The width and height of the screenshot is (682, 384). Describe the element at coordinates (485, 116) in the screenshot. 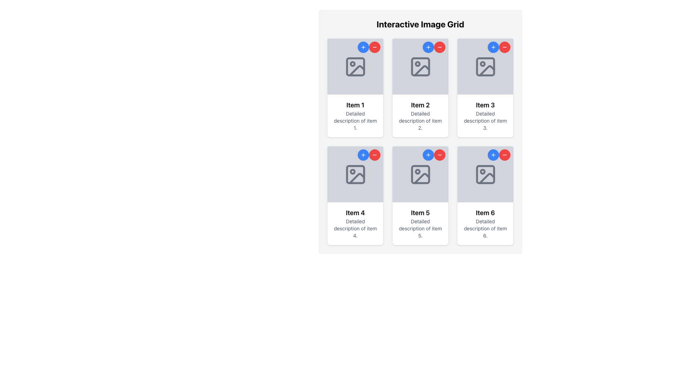

I see `the Text block displaying the title 'Item 3' and the description 'Detailed description of item 3.' located in the center of the rightmost column of the first row of the grid layout` at that location.